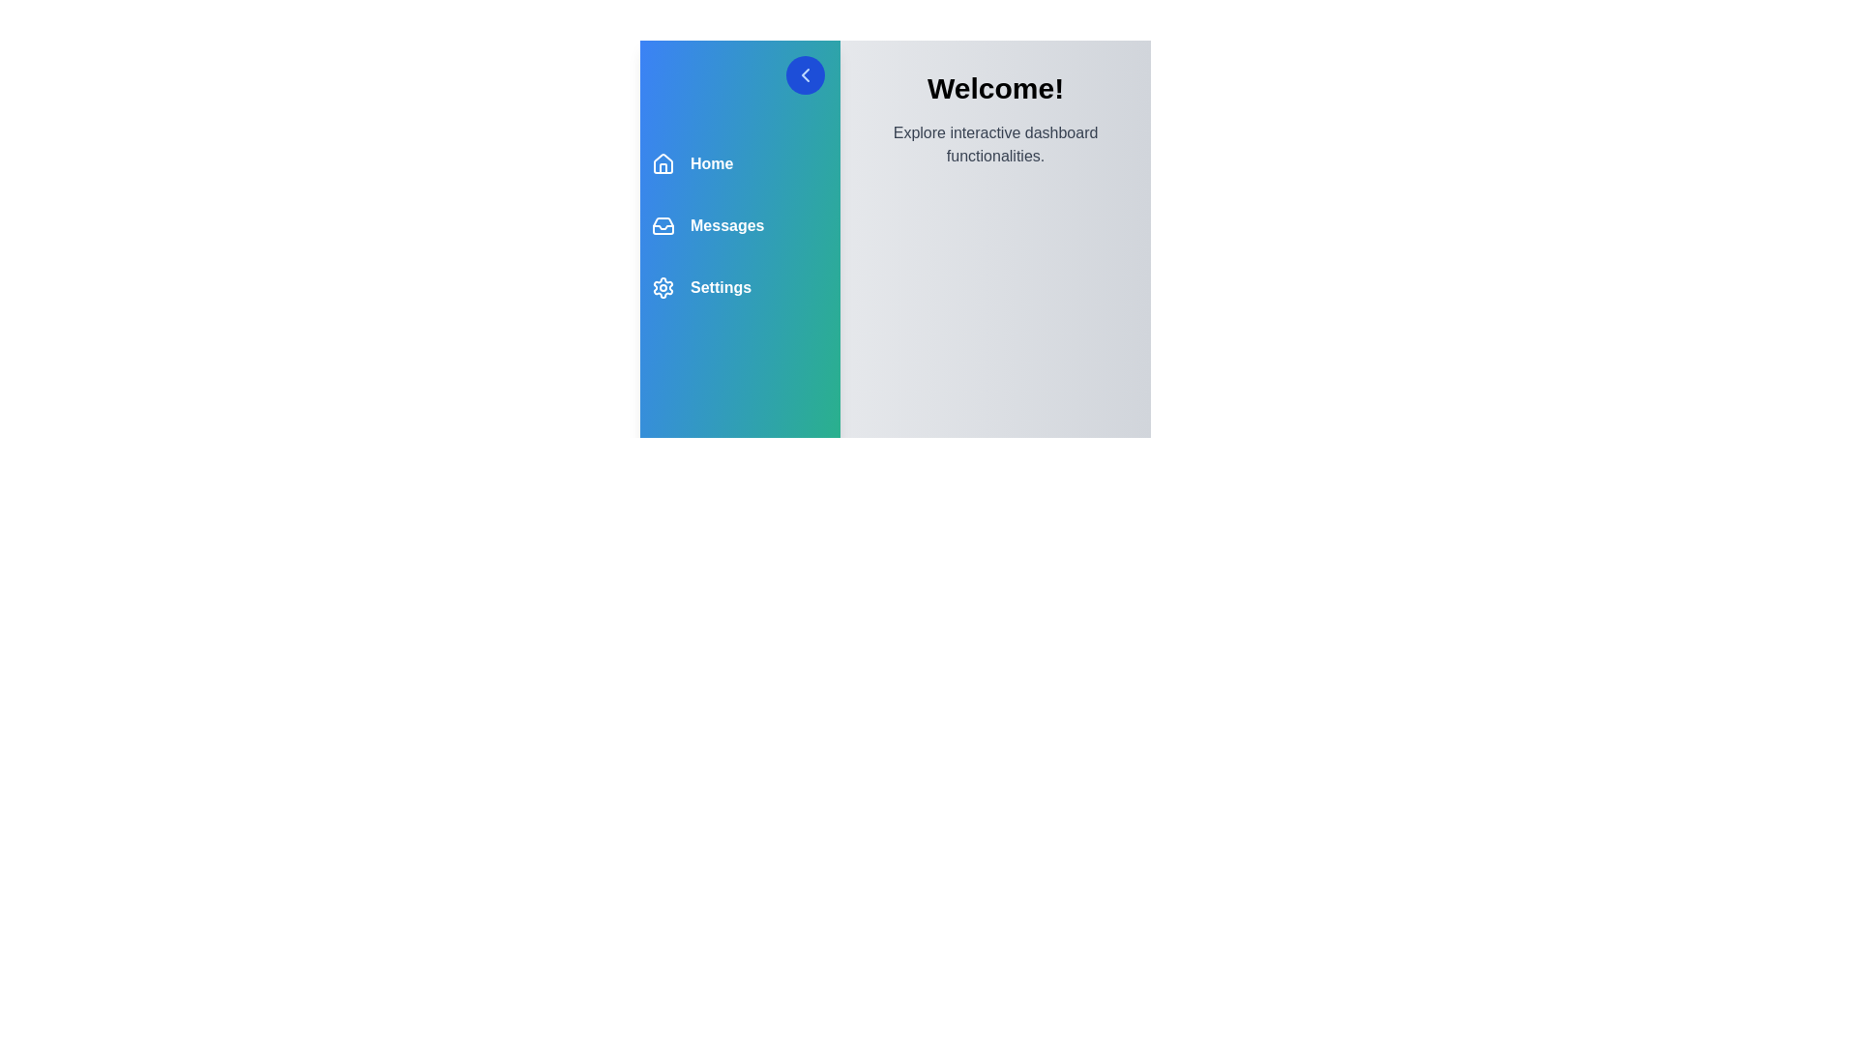  I want to click on the door element of the house icon located in the top-left corner of the blue sidebar, so click(663, 167).